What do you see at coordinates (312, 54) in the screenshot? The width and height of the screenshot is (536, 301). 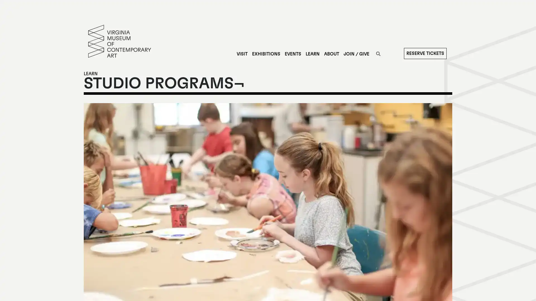 I see `LEARN` at bounding box center [312, 54].